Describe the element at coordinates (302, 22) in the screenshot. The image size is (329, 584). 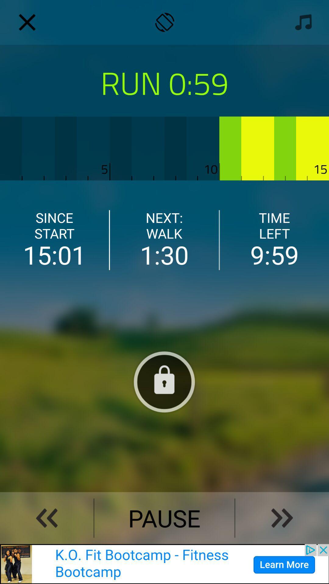
I see `music options` at that location.